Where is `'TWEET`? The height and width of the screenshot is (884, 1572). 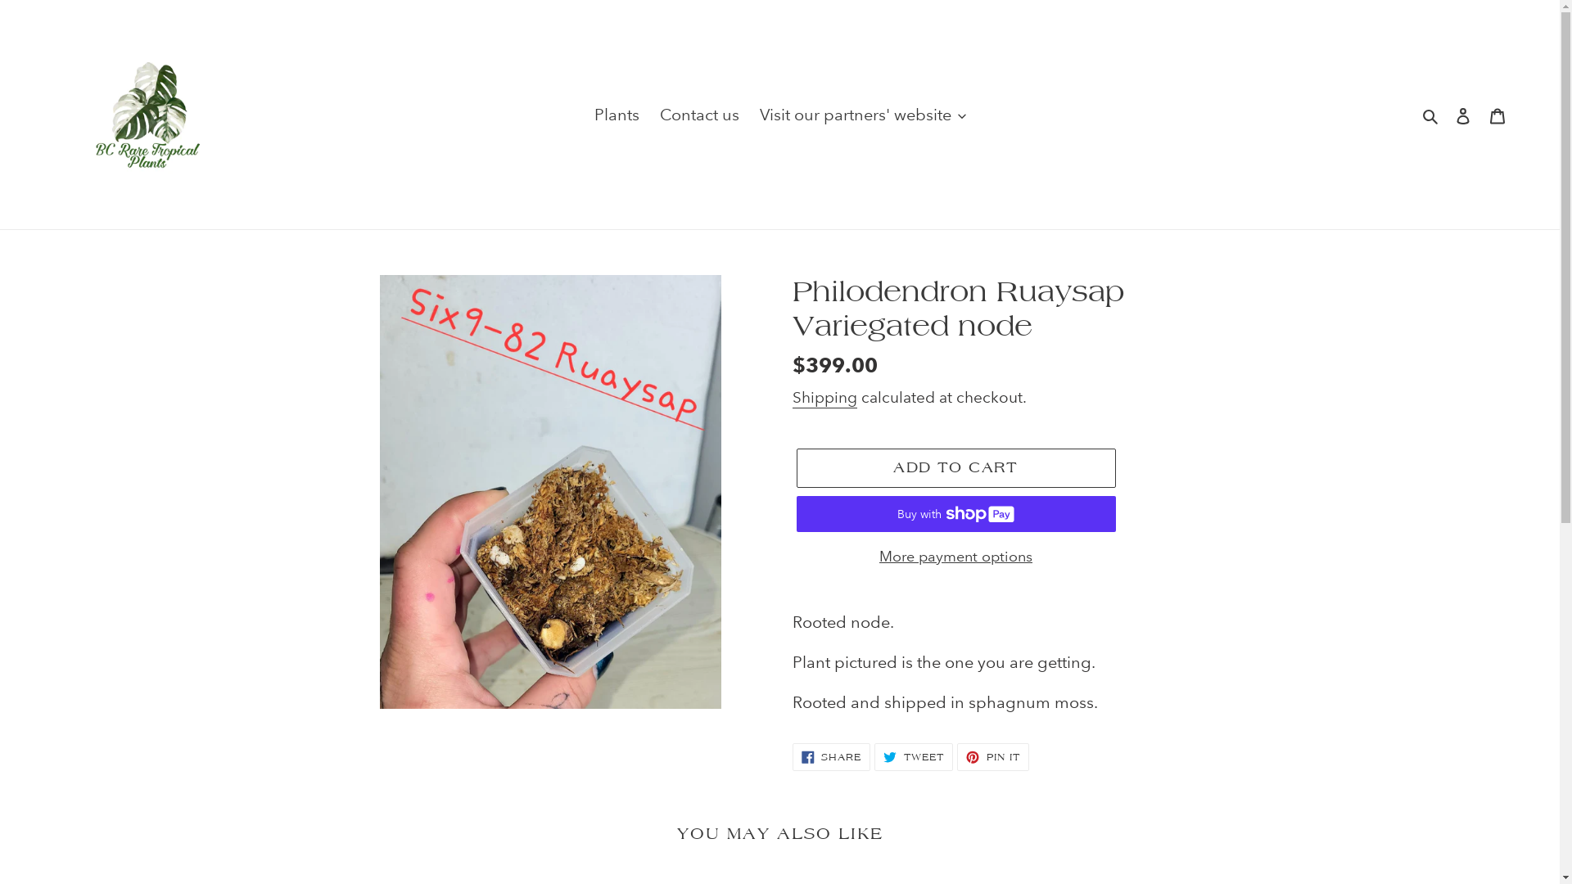
'TWEET is located at coordinates (913, 757).